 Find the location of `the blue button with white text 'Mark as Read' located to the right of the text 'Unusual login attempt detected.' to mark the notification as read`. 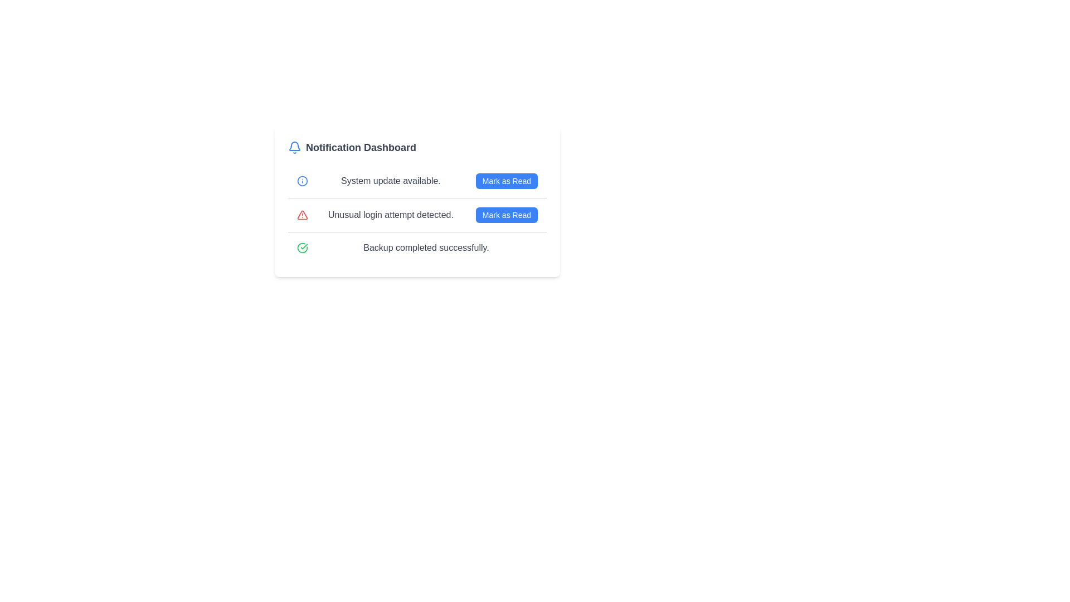

the blue button with white text 'Mark as Read' located to the right of the text 'Unusual login attempt detected.' to mark the notification as read is located at coordinates (506, 215).